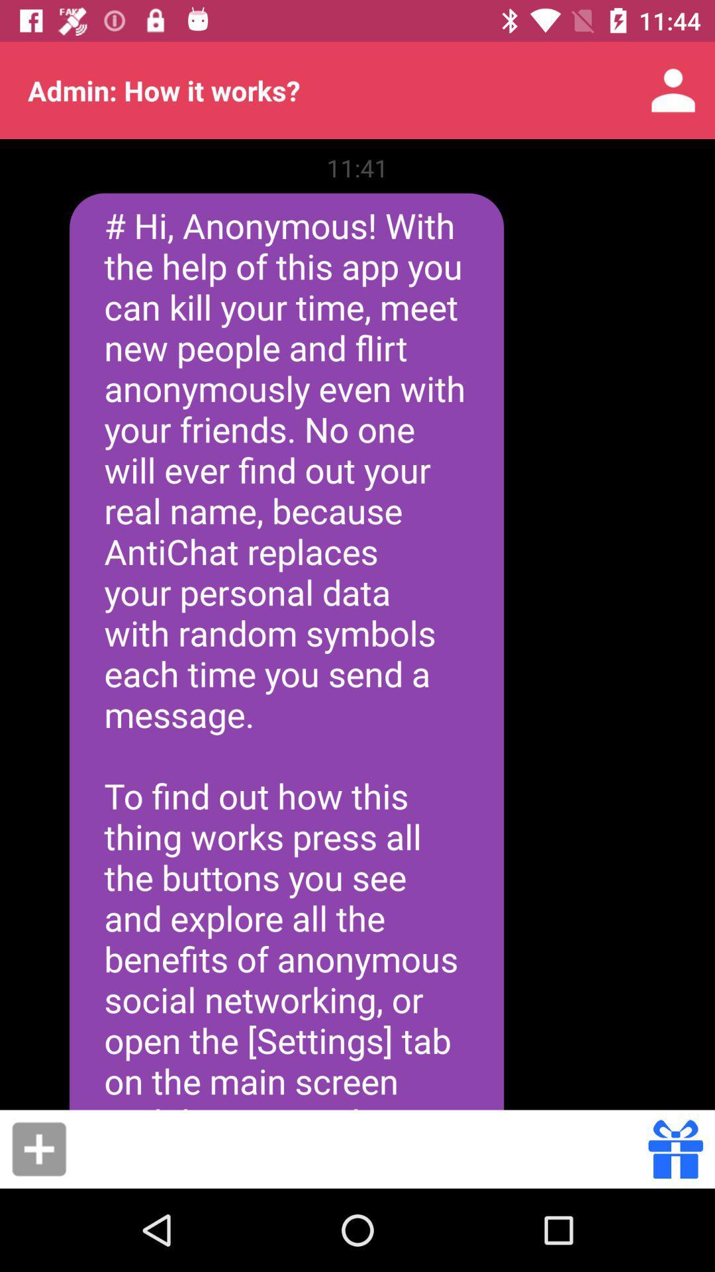  I want to click on the item at the bottom left corner, so click(38, 1148).